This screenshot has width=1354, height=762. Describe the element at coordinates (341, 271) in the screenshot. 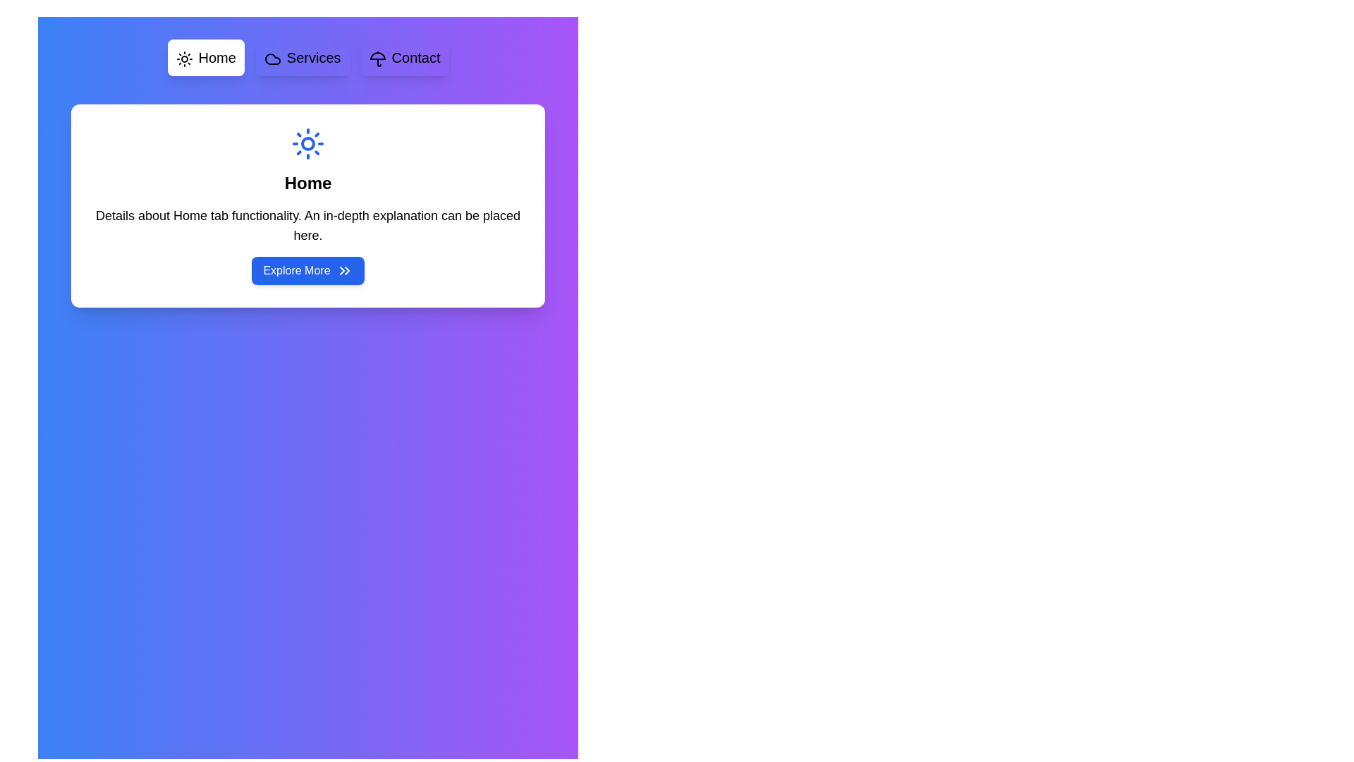

I see `the first chevron icon within the SVG group located at the bottom center of the 'Explore More' button to suggest forward progression or additional content` at that location.